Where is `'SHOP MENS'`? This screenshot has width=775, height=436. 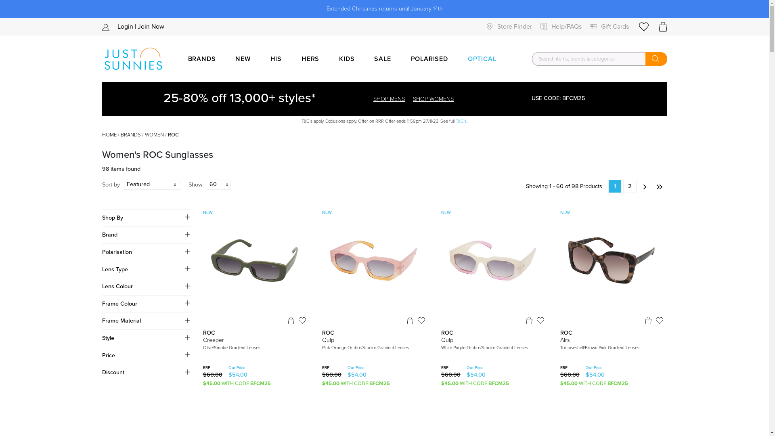 'SHOP MENS' is located at coordinates (373, 99).